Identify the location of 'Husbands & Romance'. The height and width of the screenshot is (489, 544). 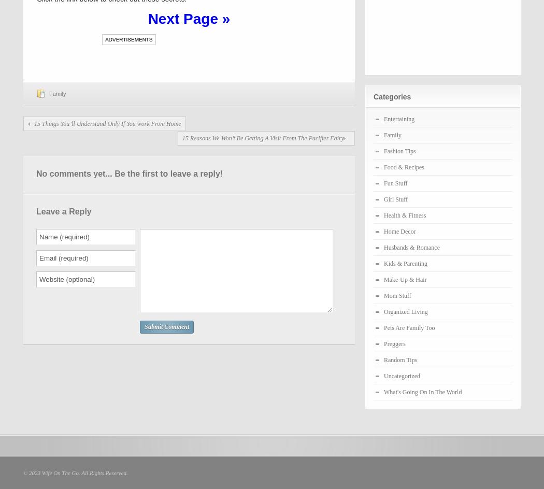
(411, 248).